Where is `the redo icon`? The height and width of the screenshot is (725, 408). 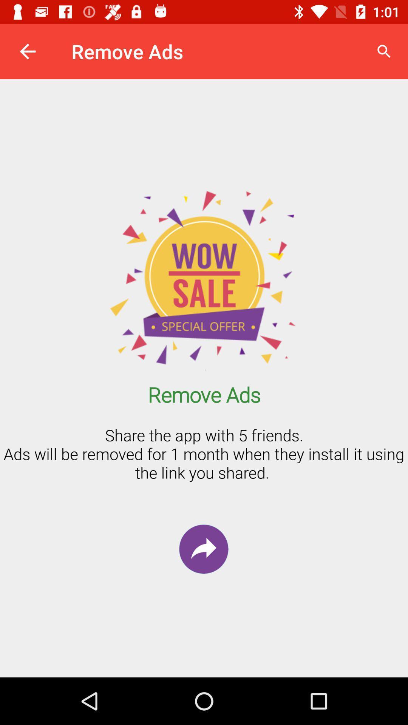
the redo icon is located at coordinates (203, 549).